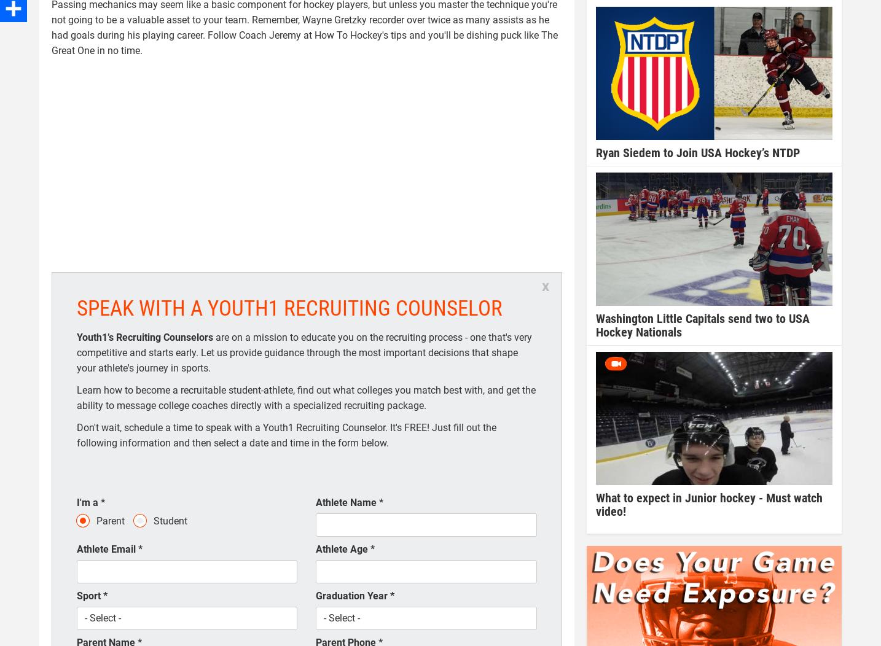 The image size is (881, 646). I want to click on 'Parent', so click(110, 520).